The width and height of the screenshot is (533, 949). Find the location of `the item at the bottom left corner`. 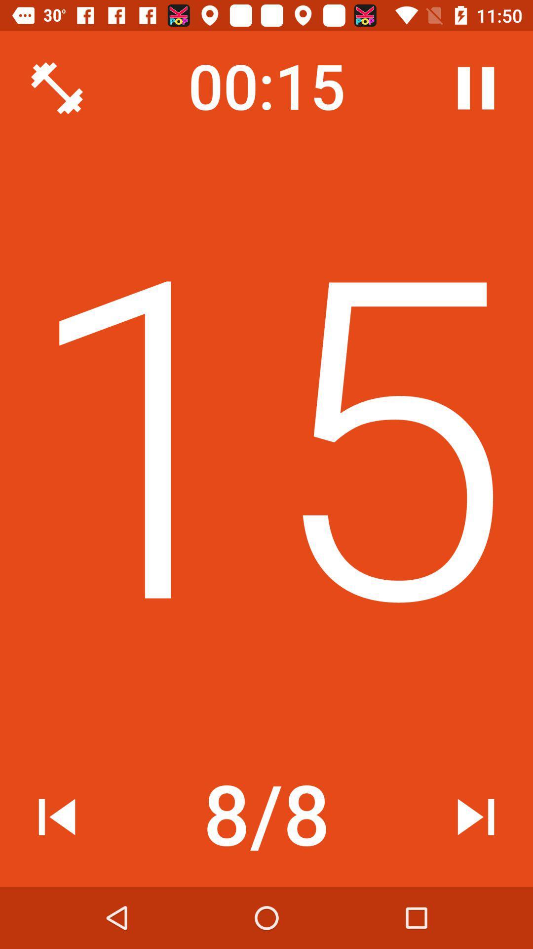

the item at the bottom left corner is located at coordinates (57, 817).